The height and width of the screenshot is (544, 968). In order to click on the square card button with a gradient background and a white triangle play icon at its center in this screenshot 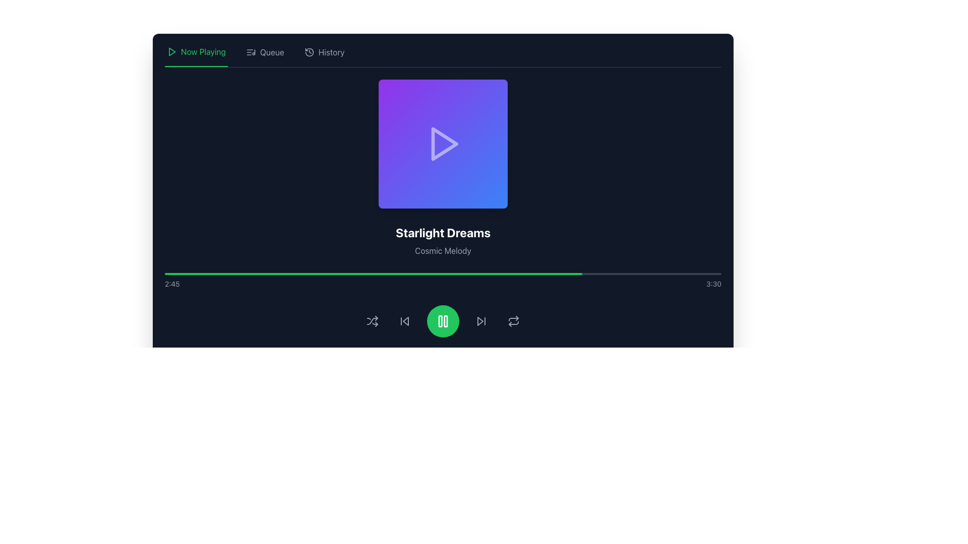, I will do `click(443, 144)`.